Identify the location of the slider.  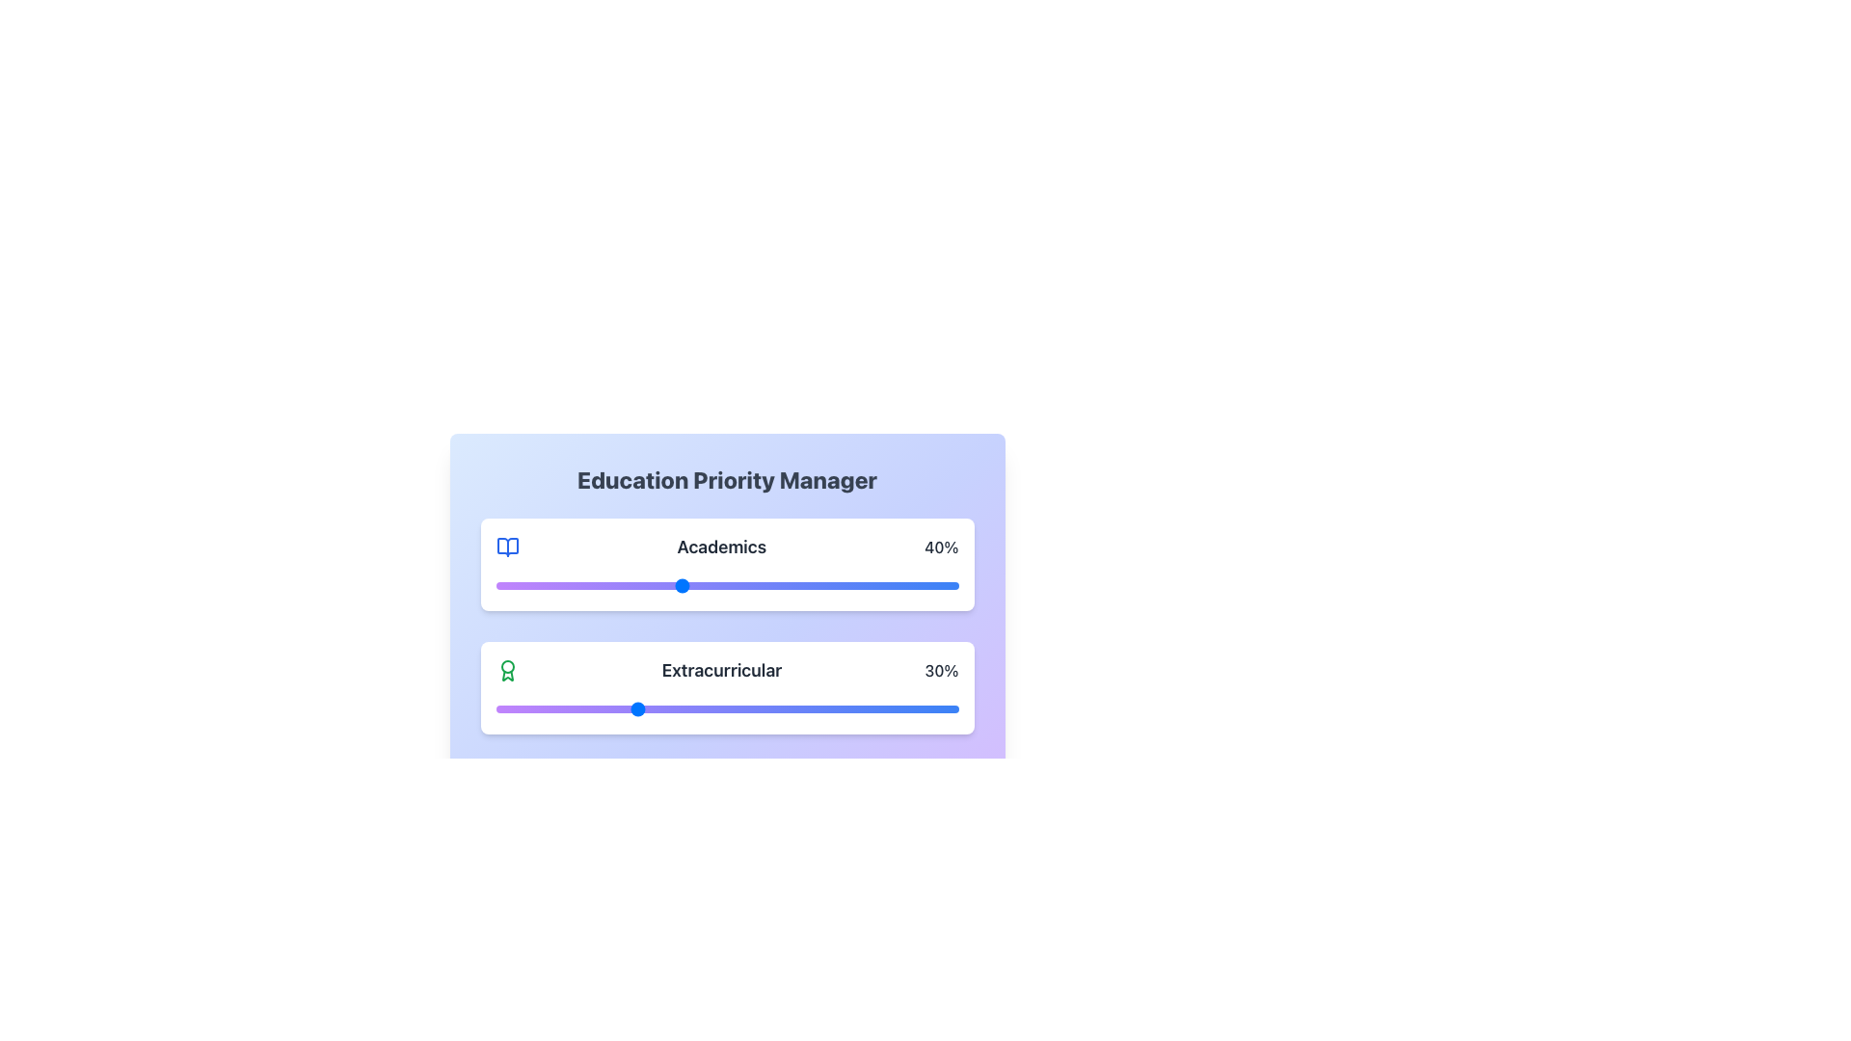
(801, 709).